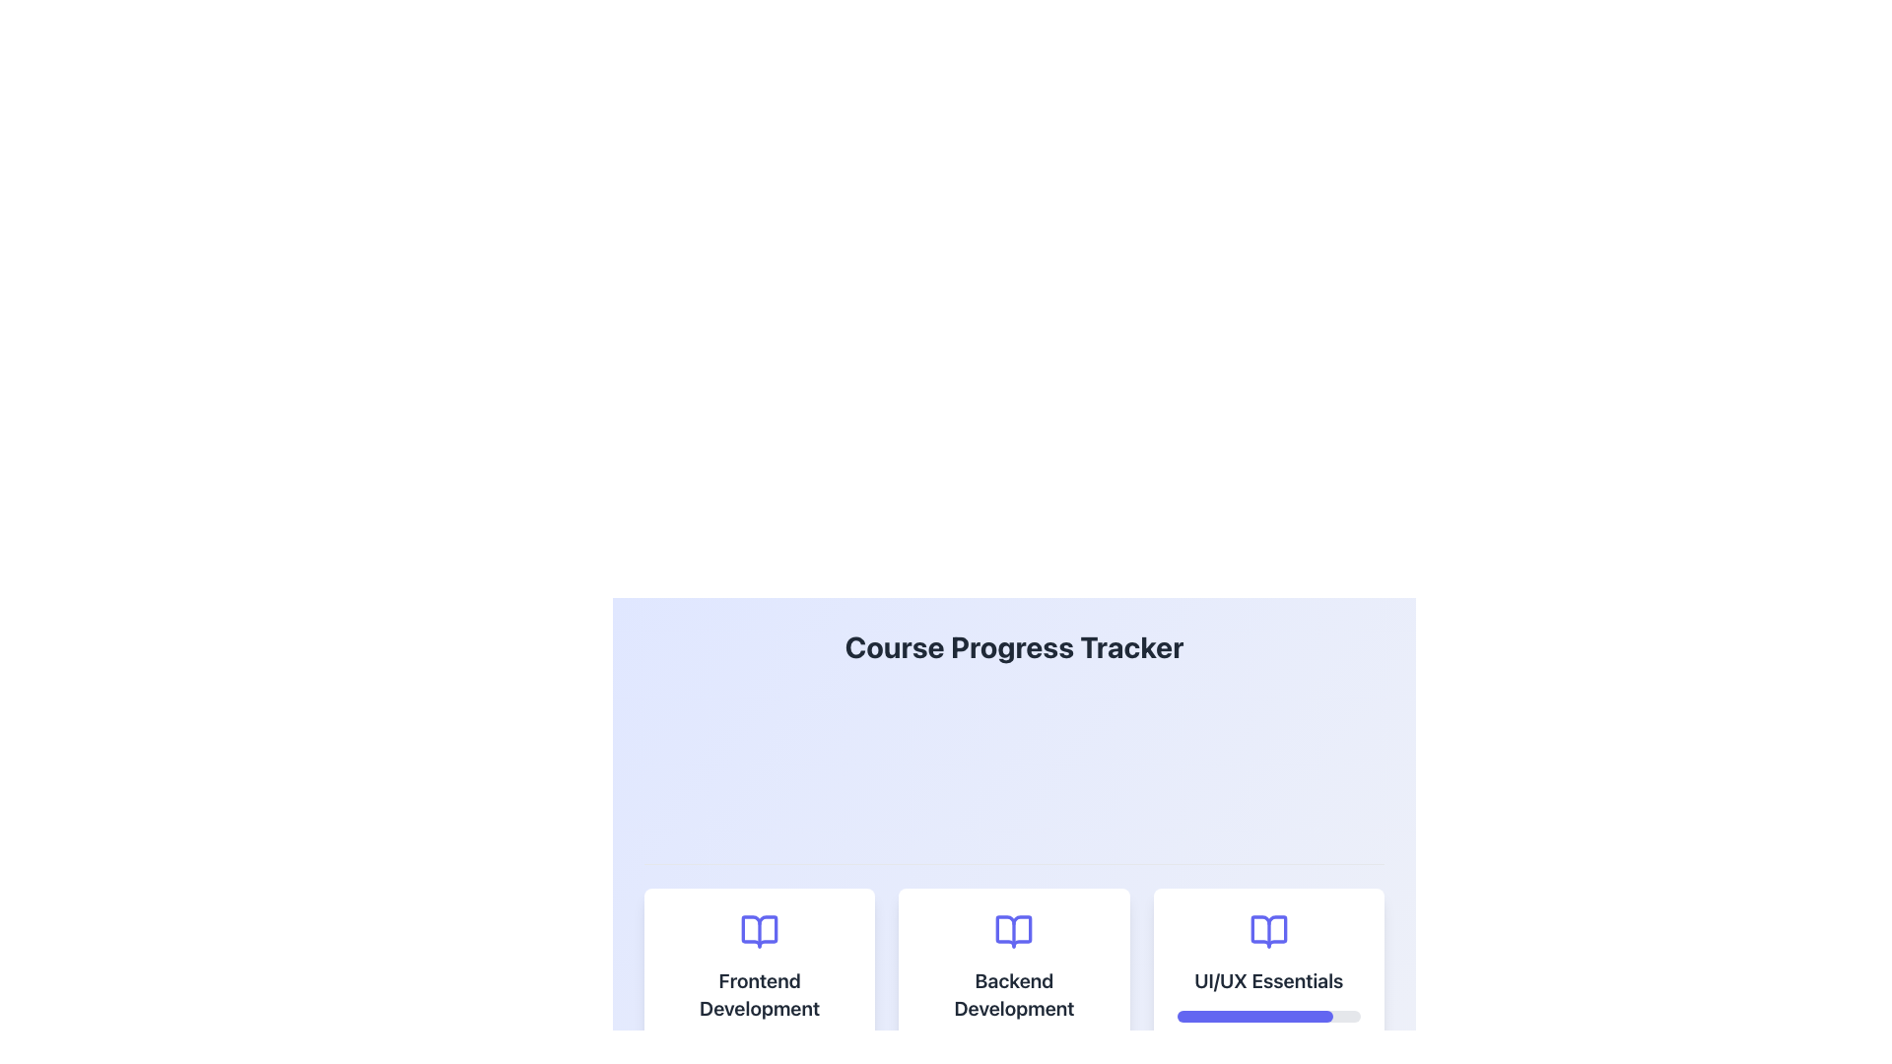 The height and width of the screenshot is (1064, 1892). I want to click on the progress indication on the progress bar for the 'UI/UX Essentials' course, which visually represents the percentage of the course completed, so click(1268, 1017).